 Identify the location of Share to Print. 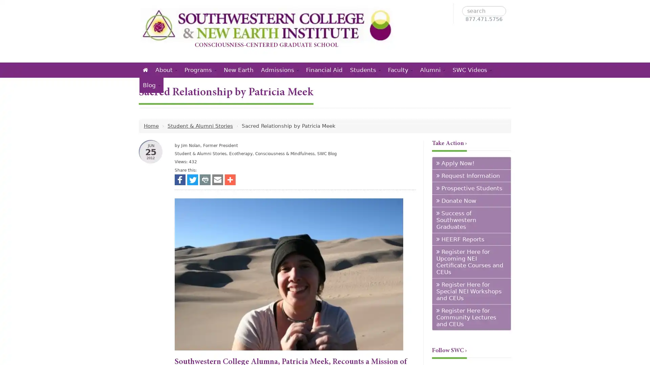
(204, 179).